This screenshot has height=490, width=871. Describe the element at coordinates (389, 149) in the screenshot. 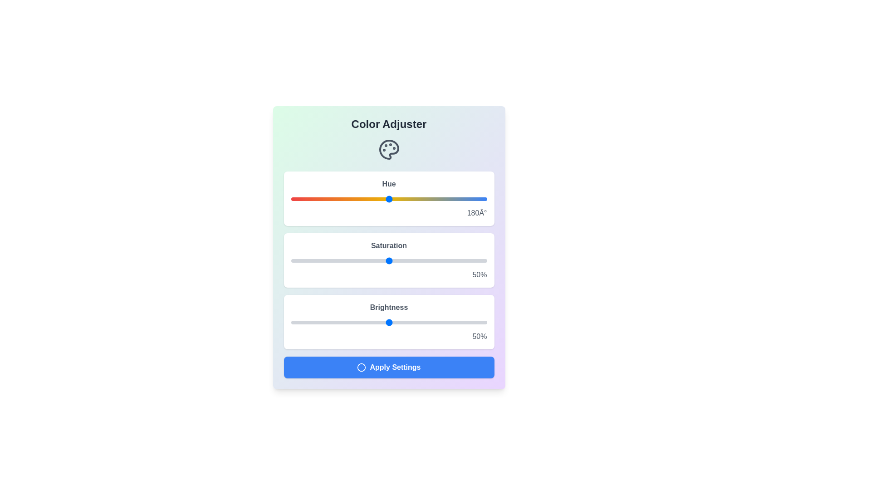

I see `the 'Palette' icon to initiate the aesthetic interaction` at that location.